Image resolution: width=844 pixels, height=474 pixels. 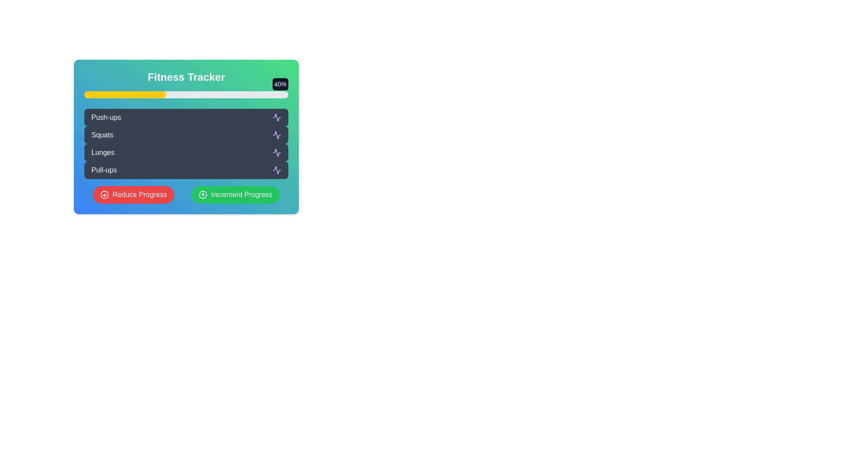 I want to click on the icon that represents the action of incrementing progress, located to the left within the 'Increment Progress' button at the bottom right of the interface, so click(x=203, y=194).